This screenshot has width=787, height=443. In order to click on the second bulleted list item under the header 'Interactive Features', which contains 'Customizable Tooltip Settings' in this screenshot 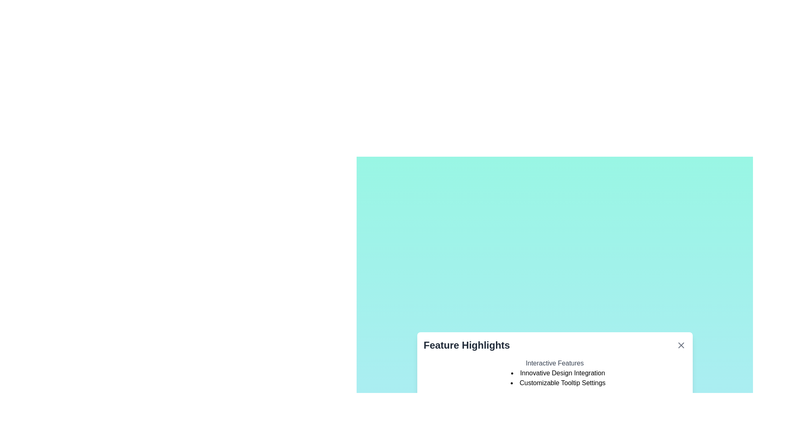, I will do `click(555, 378)`.